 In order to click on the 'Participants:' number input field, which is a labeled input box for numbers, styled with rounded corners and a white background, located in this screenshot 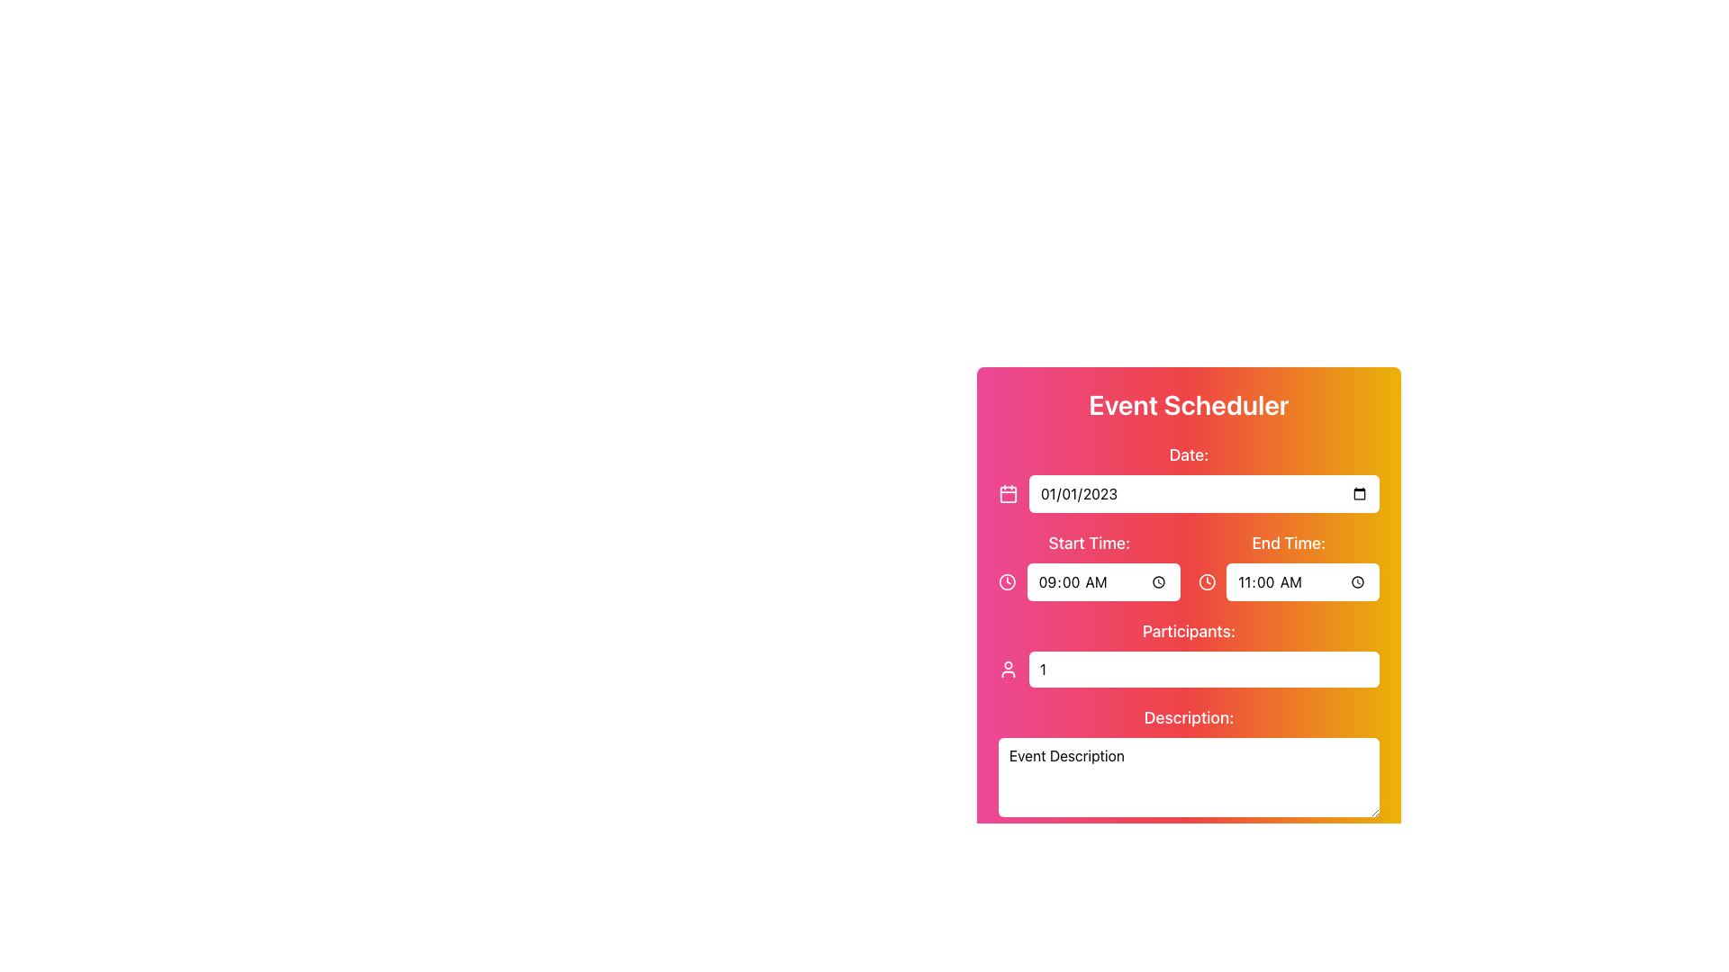, I will do `click(1189, 652)`.